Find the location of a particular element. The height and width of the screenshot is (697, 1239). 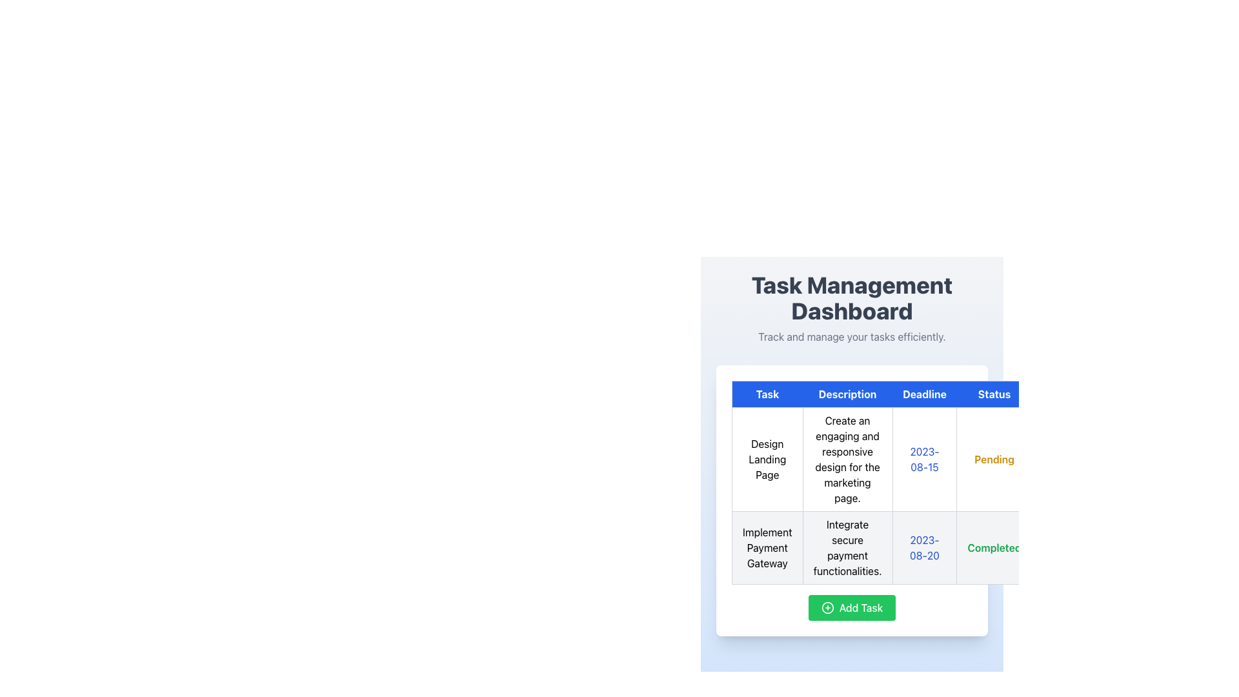

descriptive subtitle text located immediately beneath the 'Task Management Dashboard' title, which serves as an overview for the dashboard is located at coordinates (852, 336).